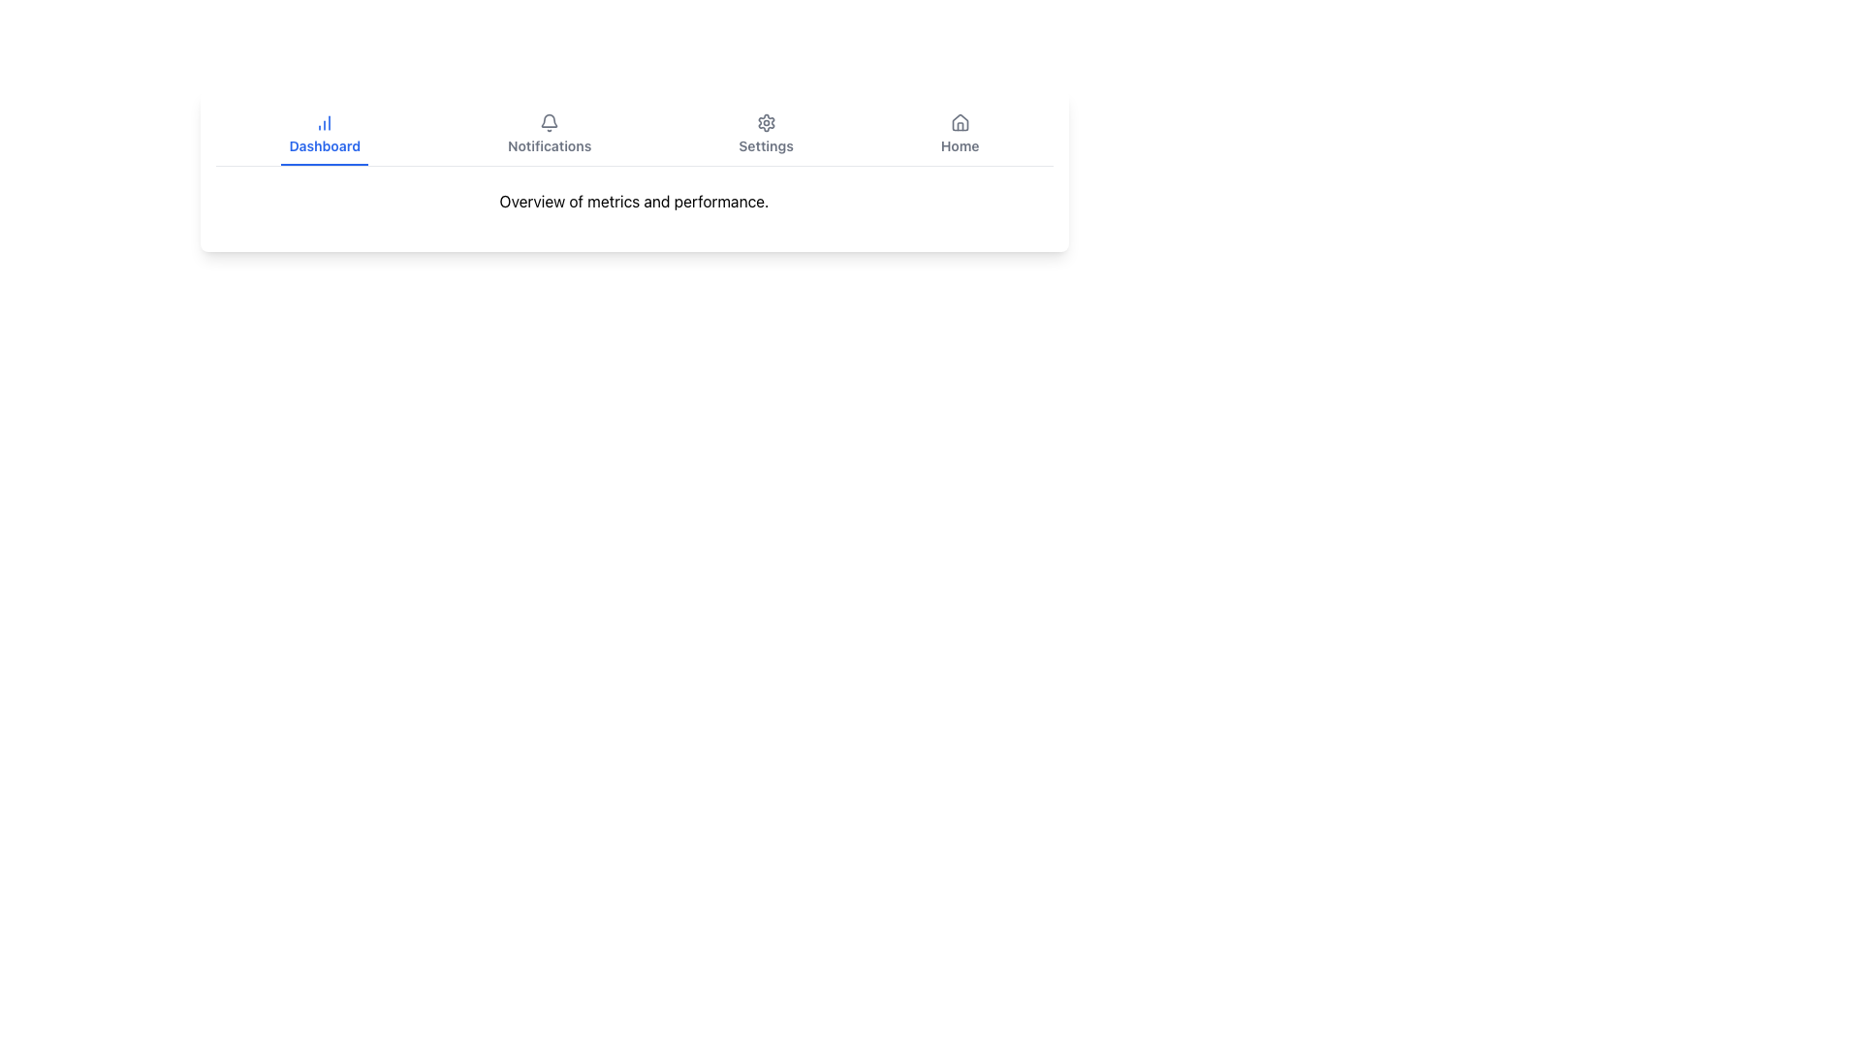  Describe the element at coordinates (960, 123) in the screenshot. I see `the house icon in the navigation bar, which is styled with a minimalistic line-based design and is located above the 'Home' text label` at that location.